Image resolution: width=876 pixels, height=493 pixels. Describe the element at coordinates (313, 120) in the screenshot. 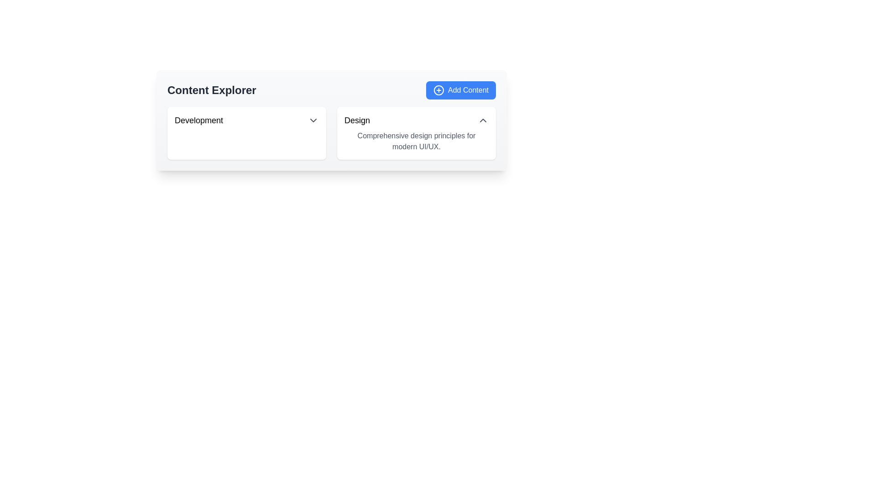

I see `the Dropdown indicator icon located on the right side of the 'Development' section` at that location.